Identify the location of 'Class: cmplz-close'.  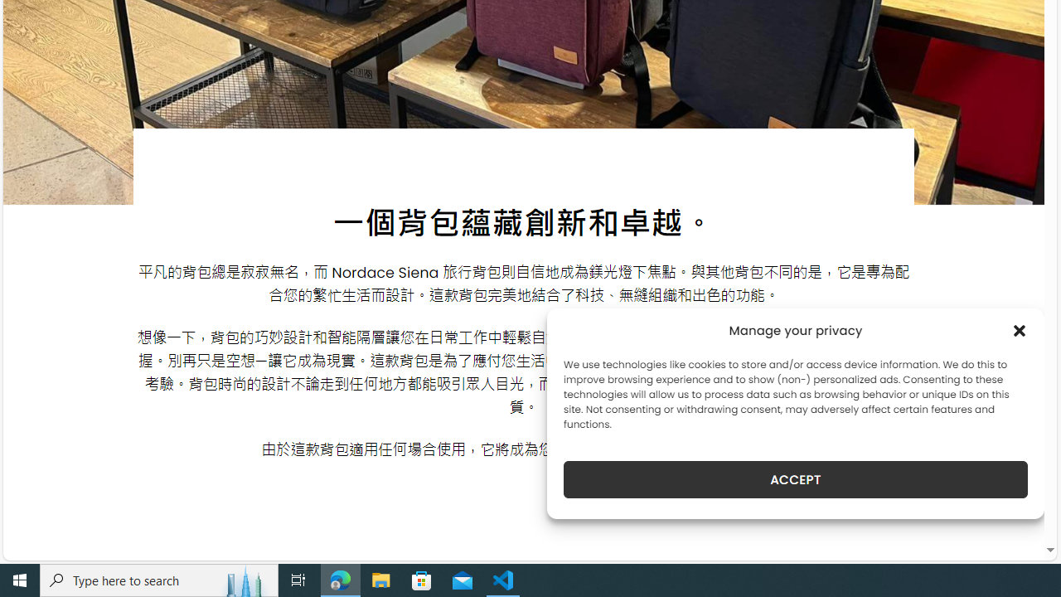
(1019, 330).